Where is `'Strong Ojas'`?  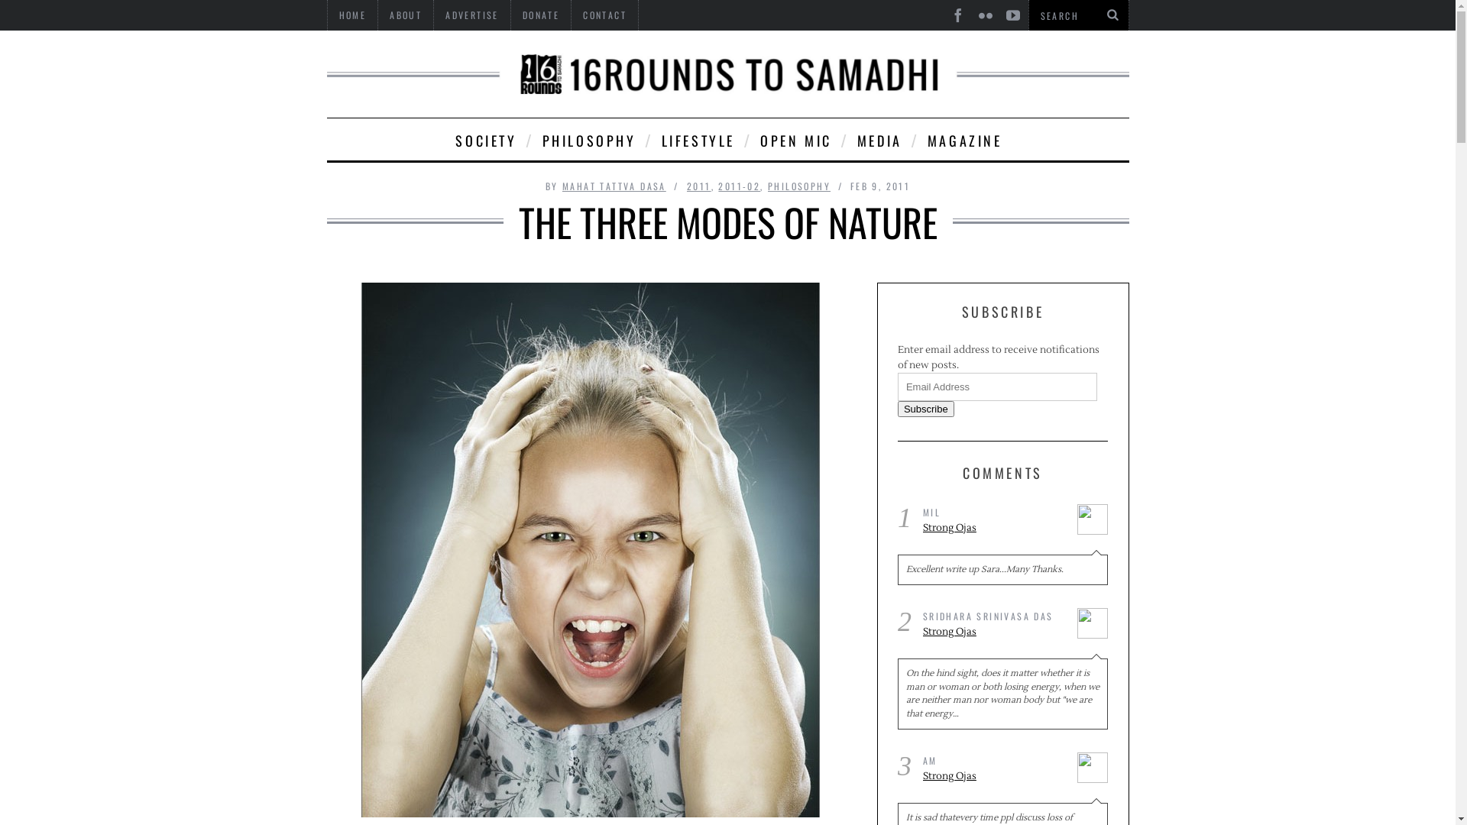 'Strong Ojas' is located at coordinates (994, 777).